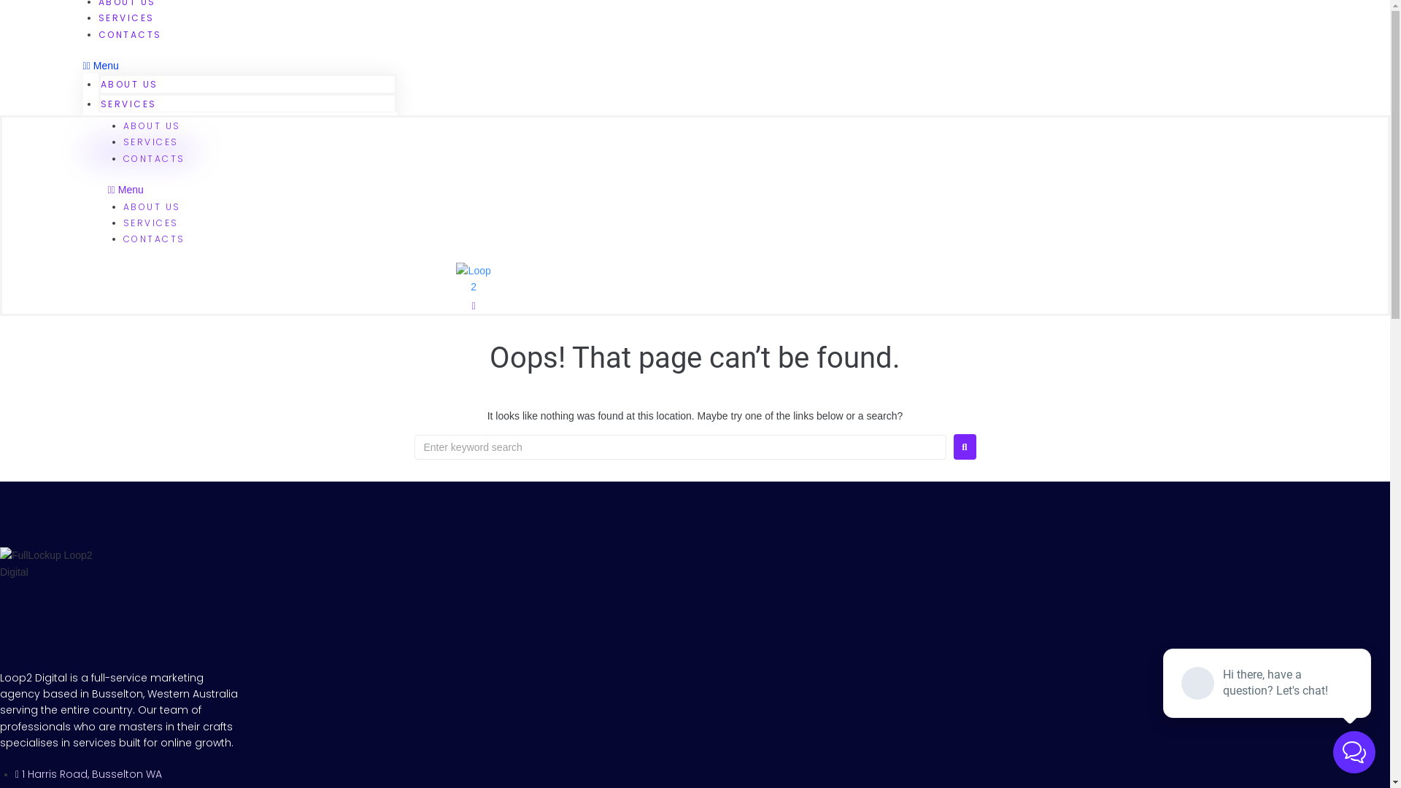 This screenshot has width=1401, height=788. I want to click on 'ABOUT US', so click(129, 84).